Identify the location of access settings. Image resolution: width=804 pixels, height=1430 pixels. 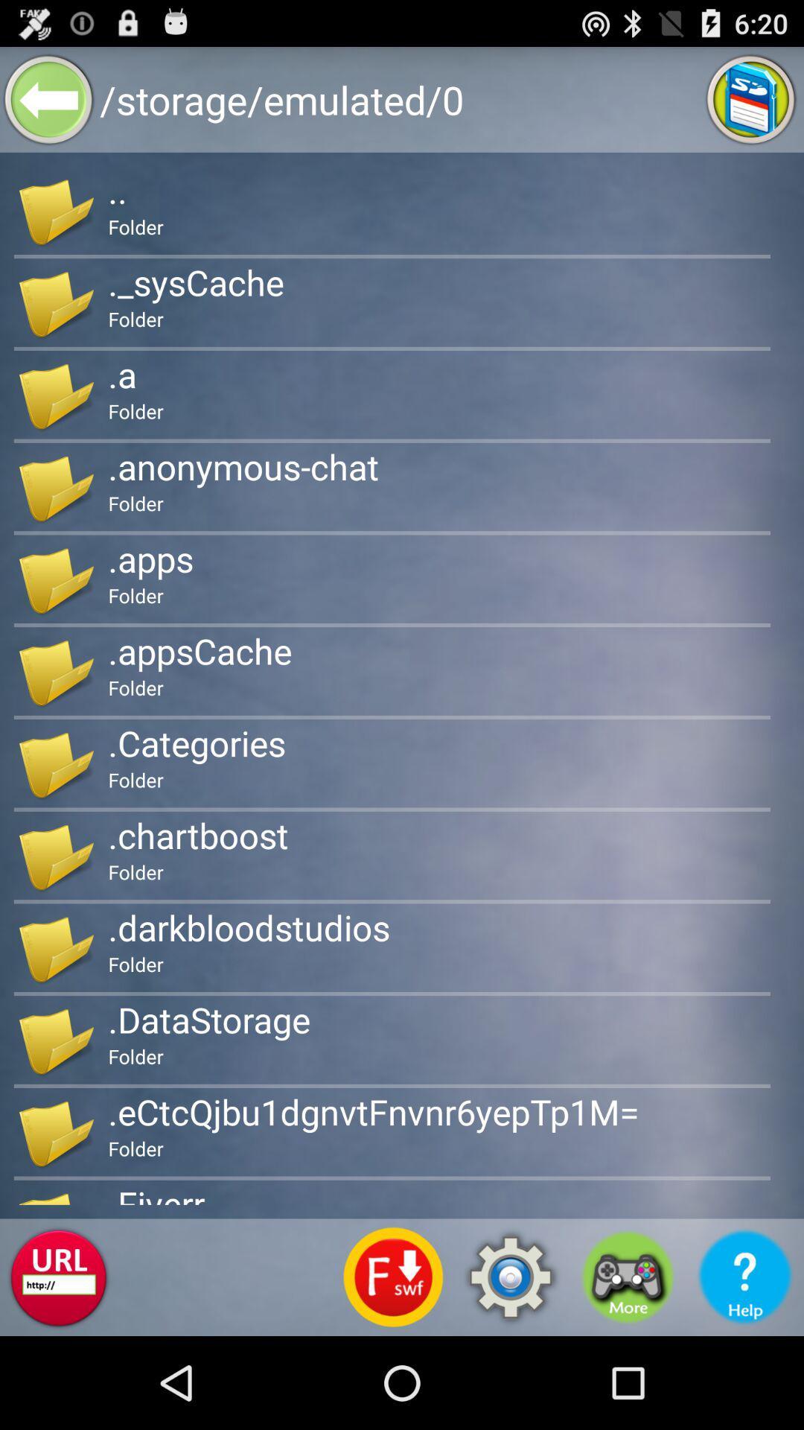
(510, 1277).